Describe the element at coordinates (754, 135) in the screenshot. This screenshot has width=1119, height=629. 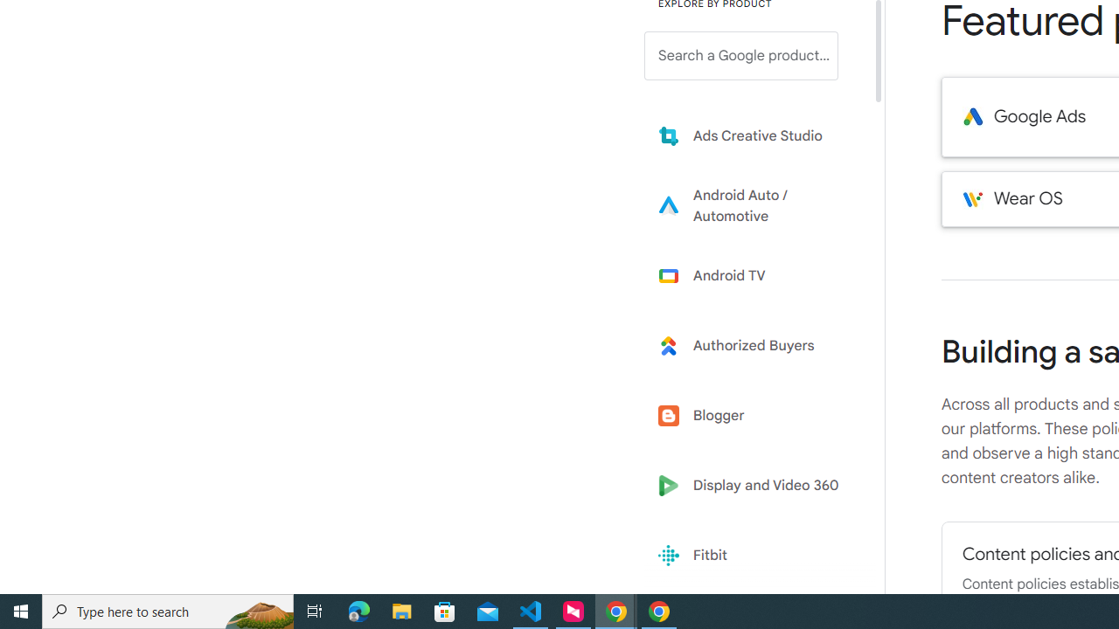
I see `'Learn more about Ads Creative Studio'` at that location.